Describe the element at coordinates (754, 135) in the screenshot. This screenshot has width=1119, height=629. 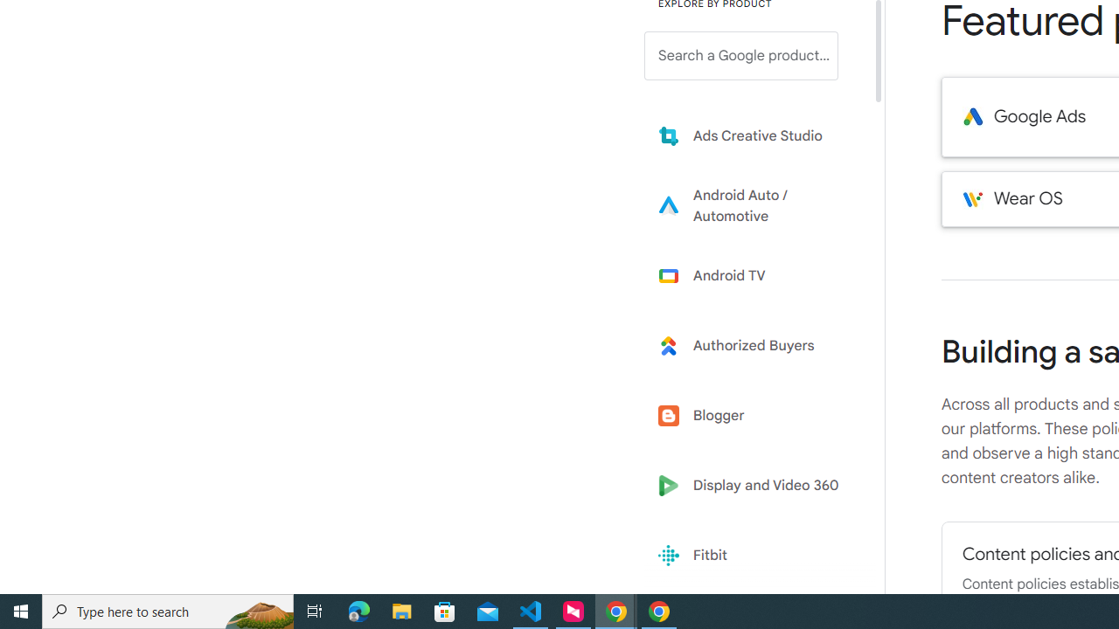
I see `'Learn more about Ads Creative Studio'` at that location.